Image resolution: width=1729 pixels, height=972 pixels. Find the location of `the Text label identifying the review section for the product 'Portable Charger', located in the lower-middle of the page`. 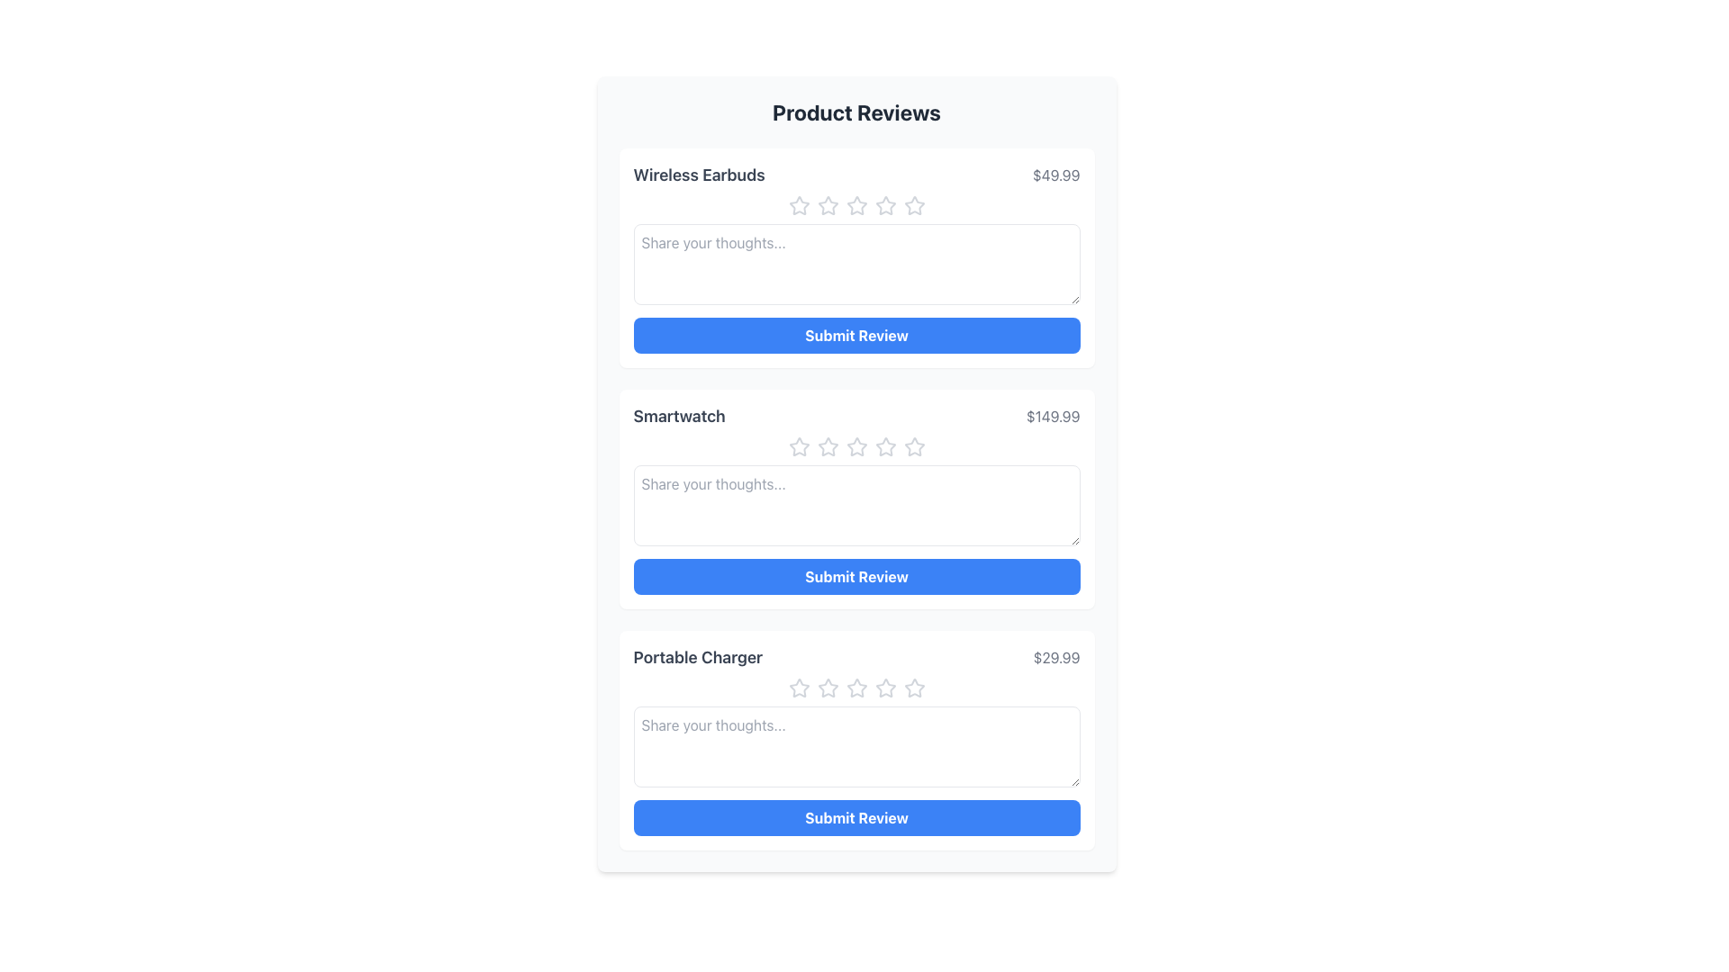

the Text label identifying the review section for the product 'Portable Charger', located in the lower-middle of the page is located at coordinates (697, 658).